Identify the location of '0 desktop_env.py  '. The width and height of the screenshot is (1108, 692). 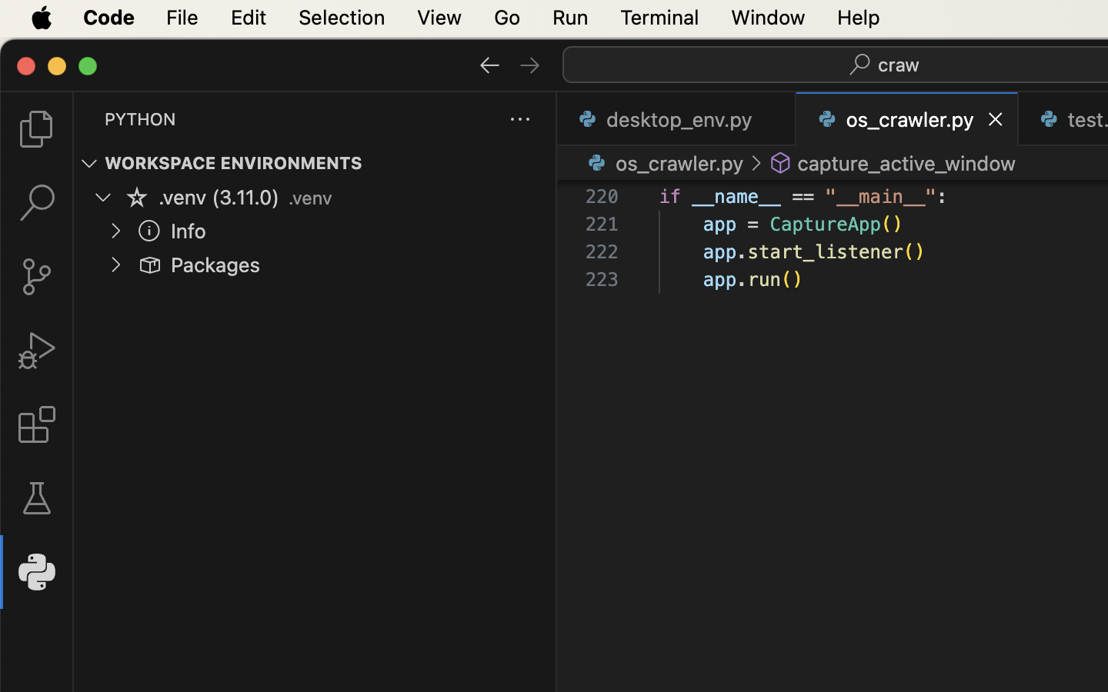
(676, 118).